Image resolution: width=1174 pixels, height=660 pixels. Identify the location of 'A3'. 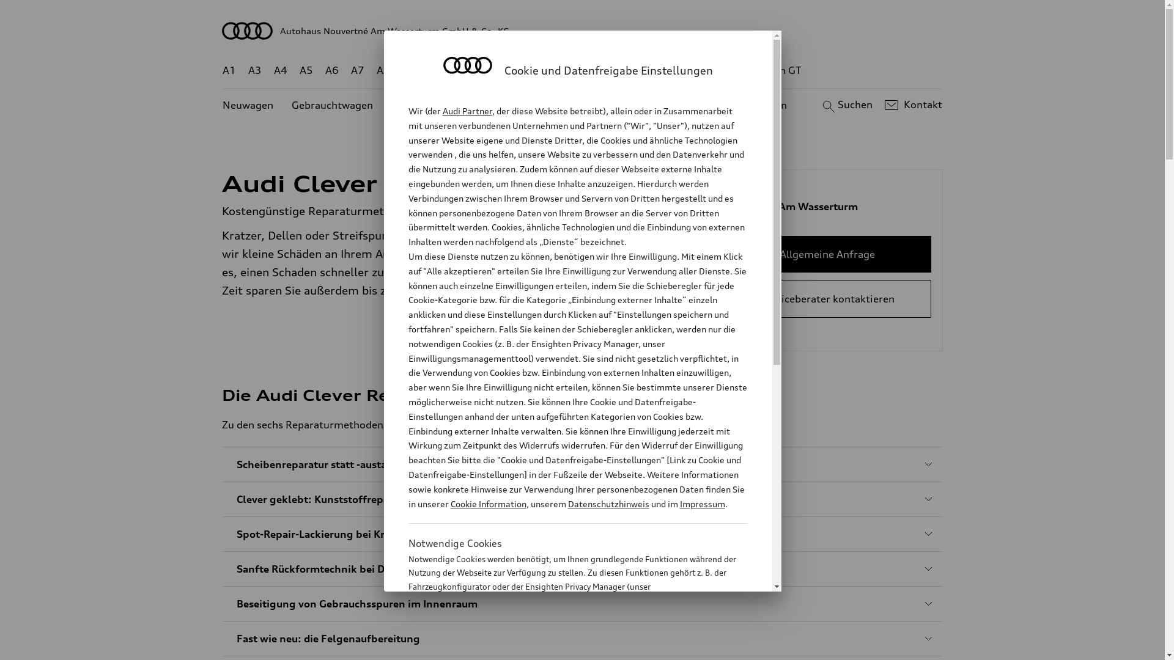
(254, 70).